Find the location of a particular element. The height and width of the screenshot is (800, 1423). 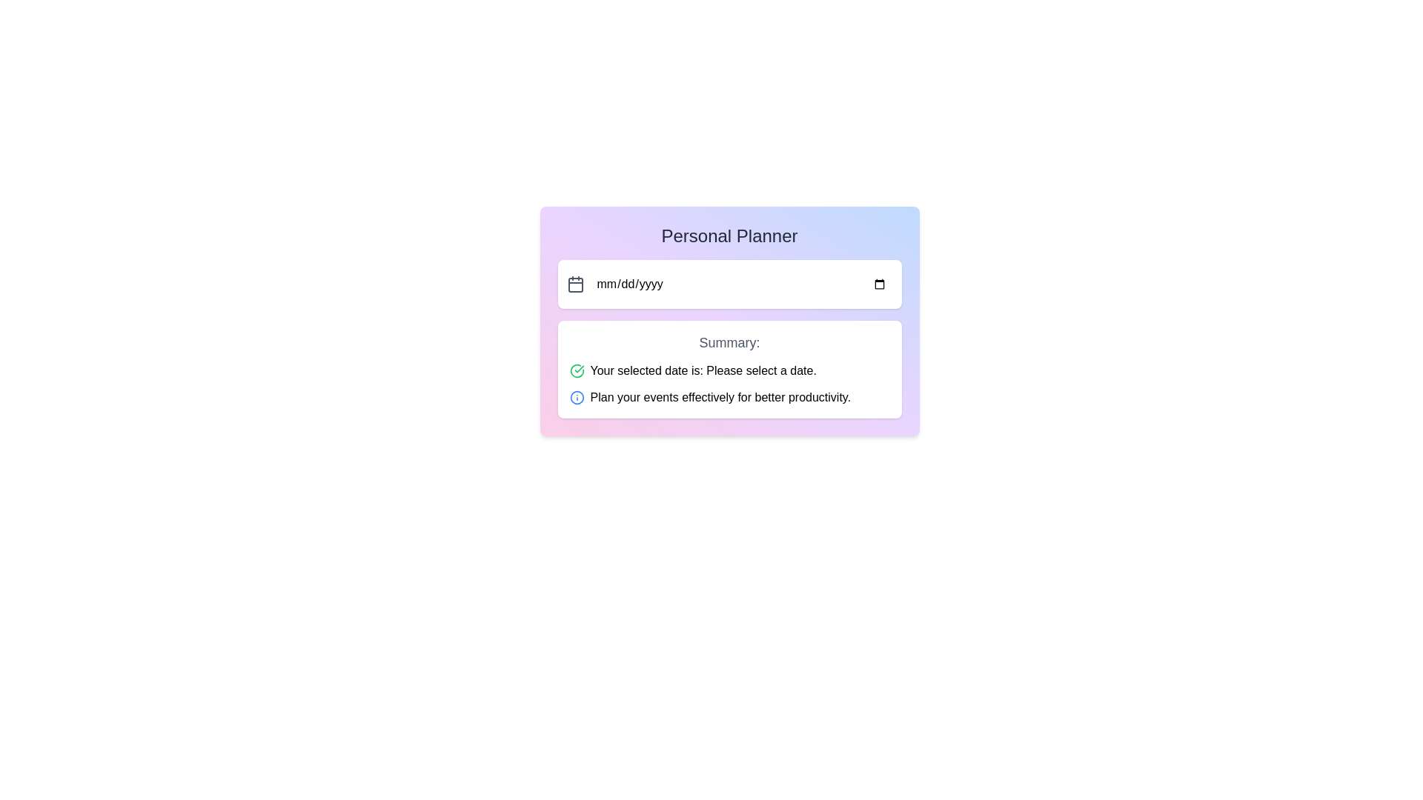

the text label component that contains the text 'Plan your events effectively for better productivity.' located within a white rectangular area in the 'Personal Planner' interface is located at coordinates (720, 396).